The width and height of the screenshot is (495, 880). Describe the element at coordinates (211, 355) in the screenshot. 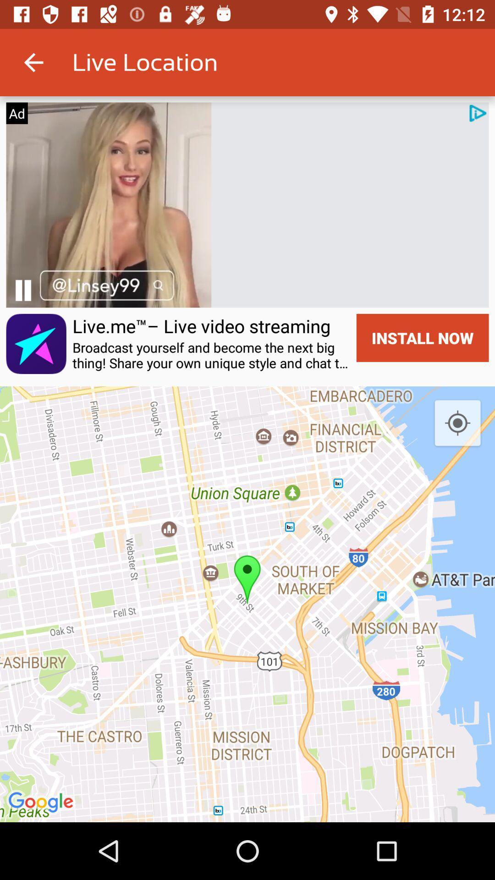

I see `icon next to install now icon` at that location.